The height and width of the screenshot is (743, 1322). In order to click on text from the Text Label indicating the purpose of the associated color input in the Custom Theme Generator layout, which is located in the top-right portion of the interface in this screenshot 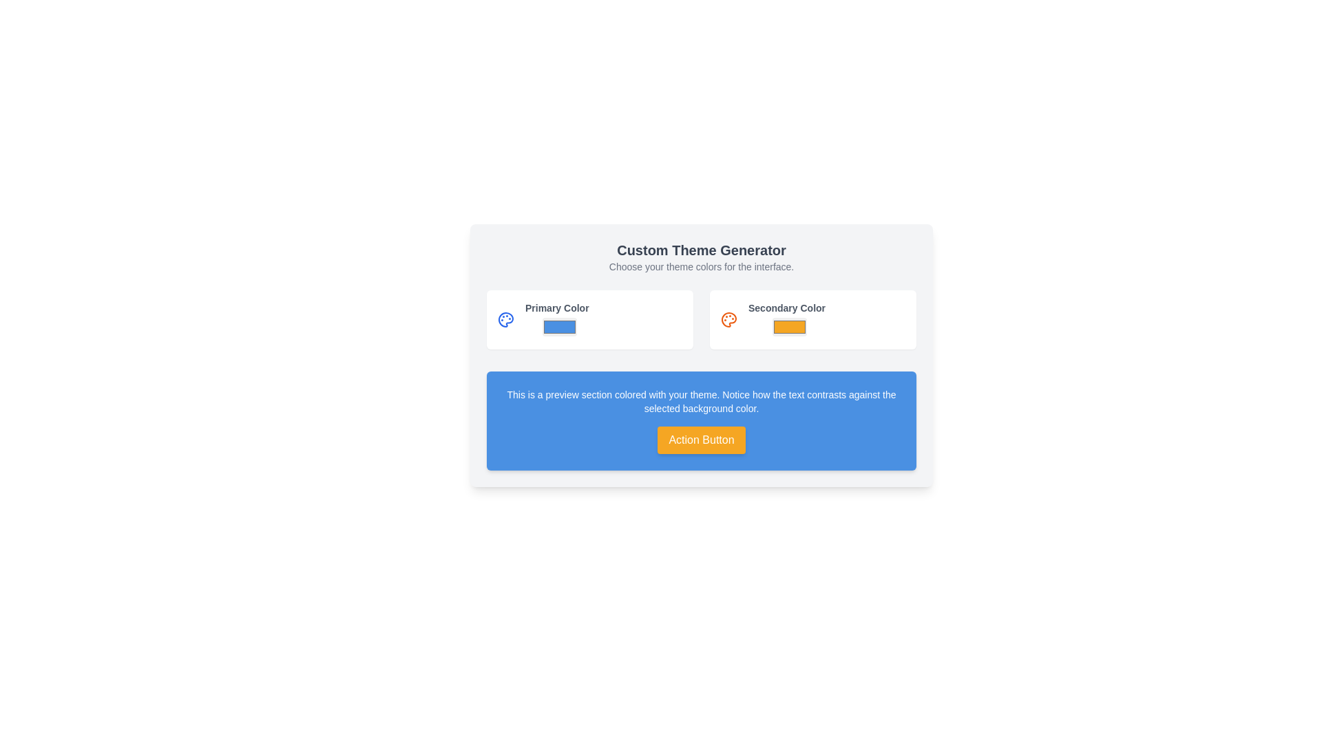, I will do `click(786, 307)`.